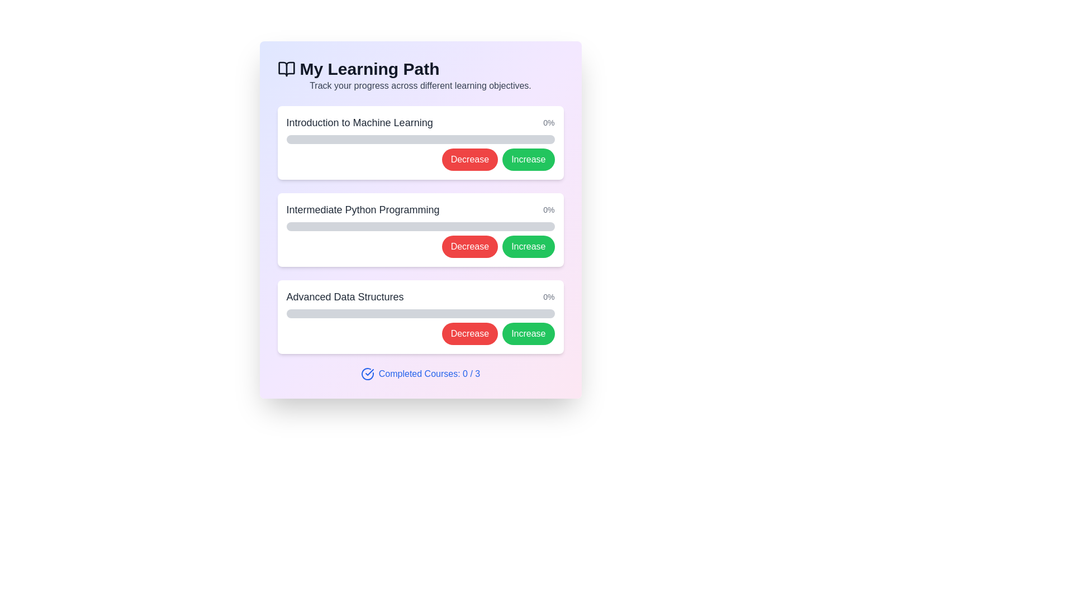 The width and height of the screenshot is (1073, 603). Describe the element at coordinates (469, 159) in the screenshot. I see `the first rounded rectangular button with a red background and white text labeled 'Decrease' located in the top section of a list of progress trackers, positioned immediately to the right of a progress bar and to the left of an 'Increase' button` at that location.